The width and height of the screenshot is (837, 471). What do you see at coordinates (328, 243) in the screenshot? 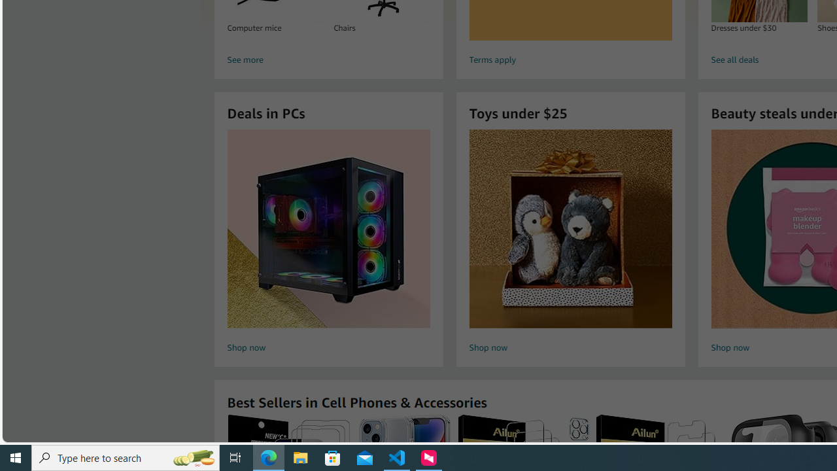
I see `'Deals in PCs Shop now'` at bounding box center [328, 243].